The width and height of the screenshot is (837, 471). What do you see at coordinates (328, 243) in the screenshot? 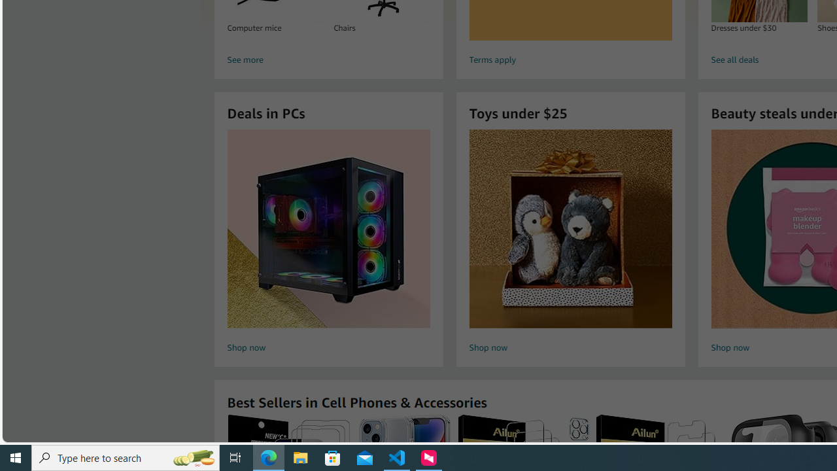
I see `'Deals in PCs Shop now'` at bounding box center [328, 243].